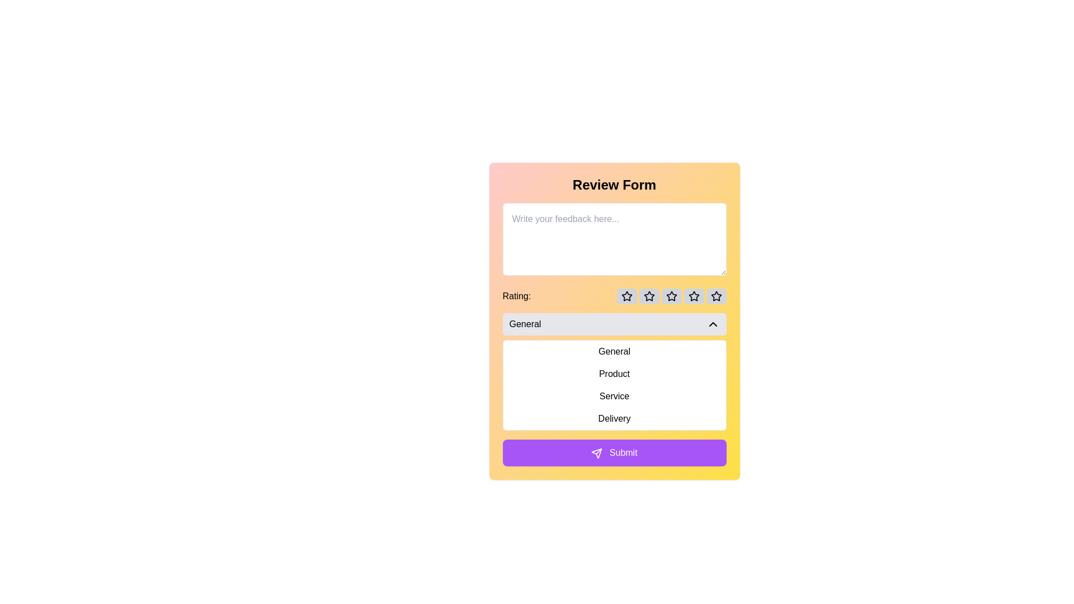  What do you see at coordinates (626, 295) in the screenshot?
I see `the first rating star icon in the review form` at bounding box center [626, 295].